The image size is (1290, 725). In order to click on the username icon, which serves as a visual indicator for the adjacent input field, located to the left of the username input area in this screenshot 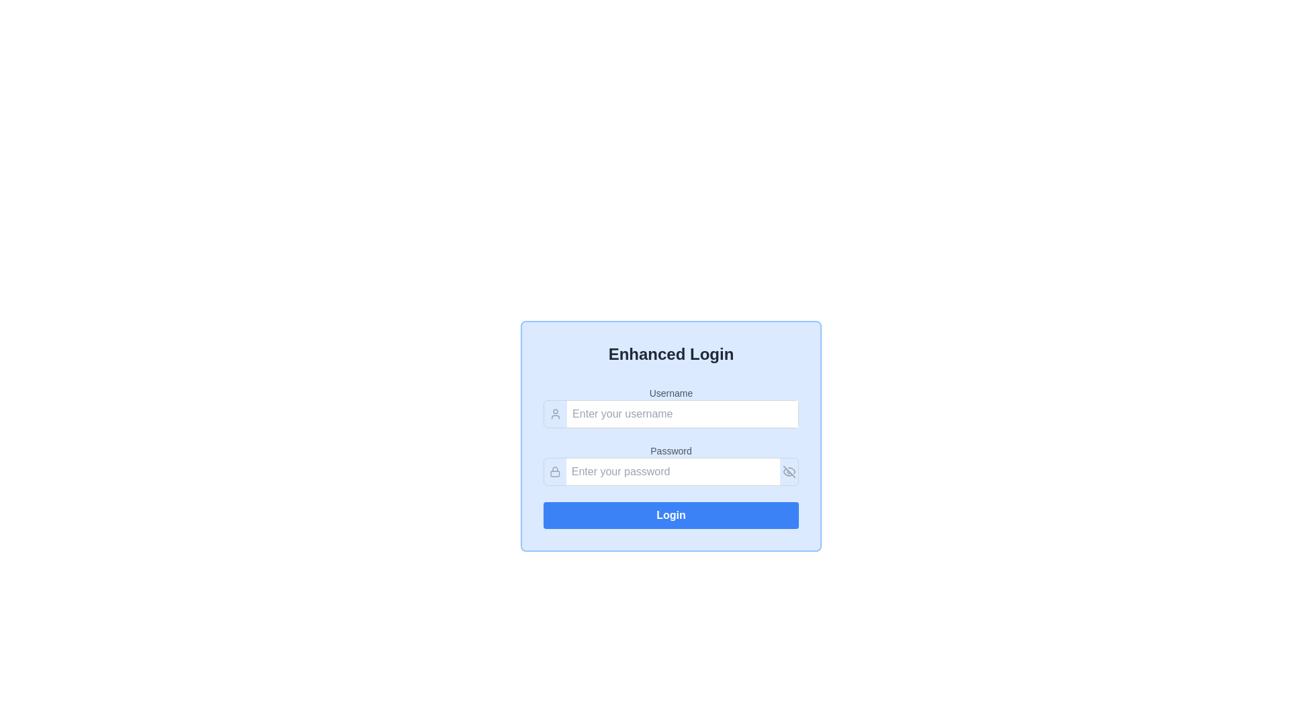, I will do `click(556, 414)`.